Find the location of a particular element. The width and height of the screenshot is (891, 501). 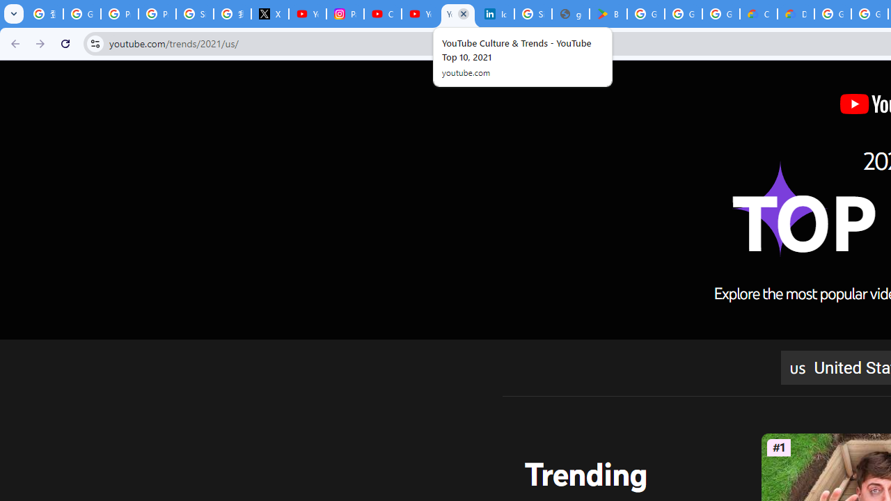

'google_privacy_policy_en.pdf' is located at coordinates (570, 14).